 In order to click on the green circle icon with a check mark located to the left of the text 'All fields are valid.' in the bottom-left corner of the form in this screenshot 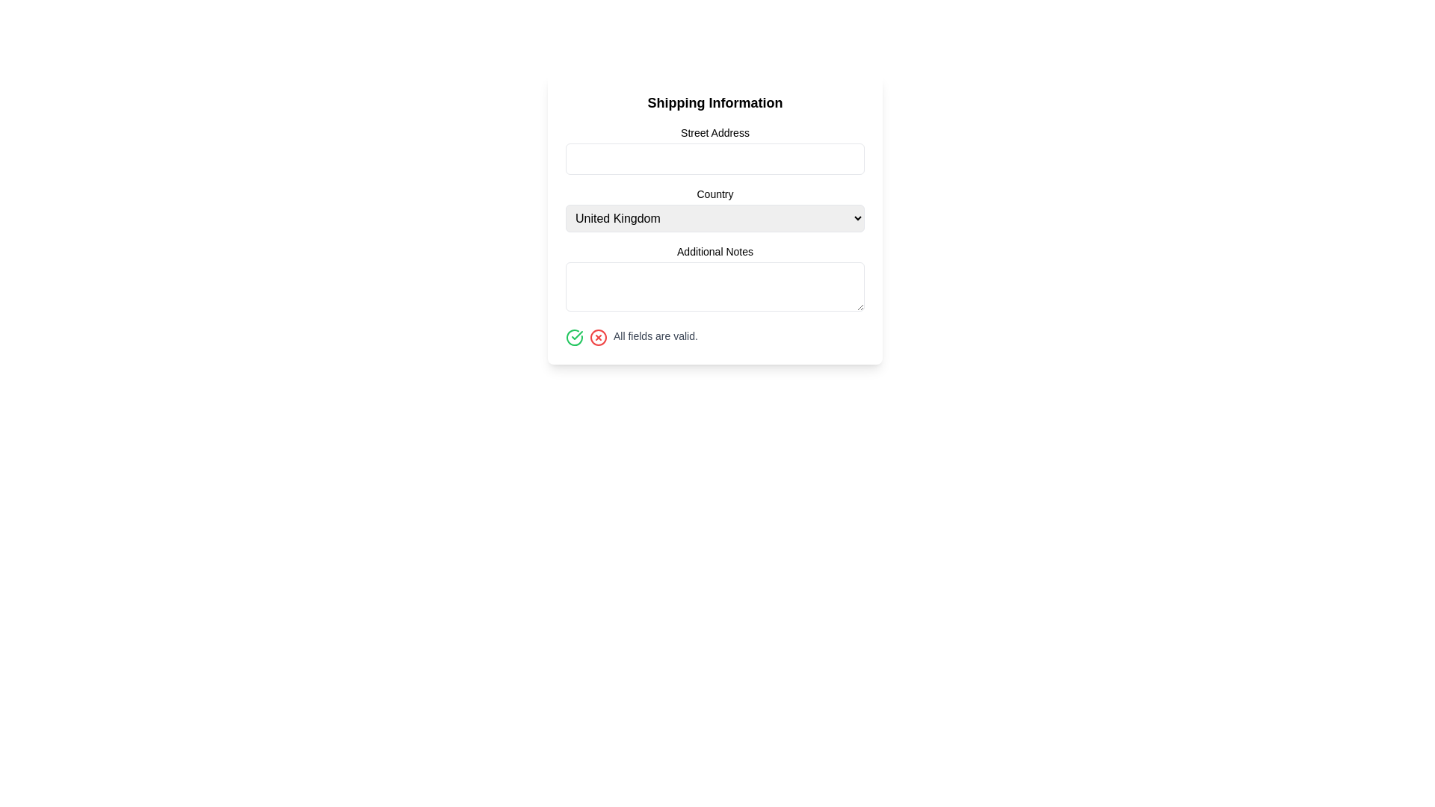, I will do `click(573, 337)`.